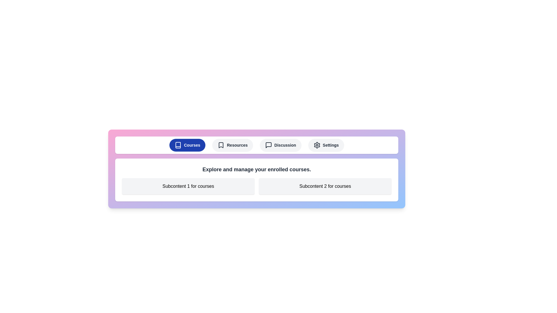 This screenshot has height=313, width=557. I want to click on the 'Resources' icon located in the horizontal navigation menu at the upper section of the interface, so click(221, 145).